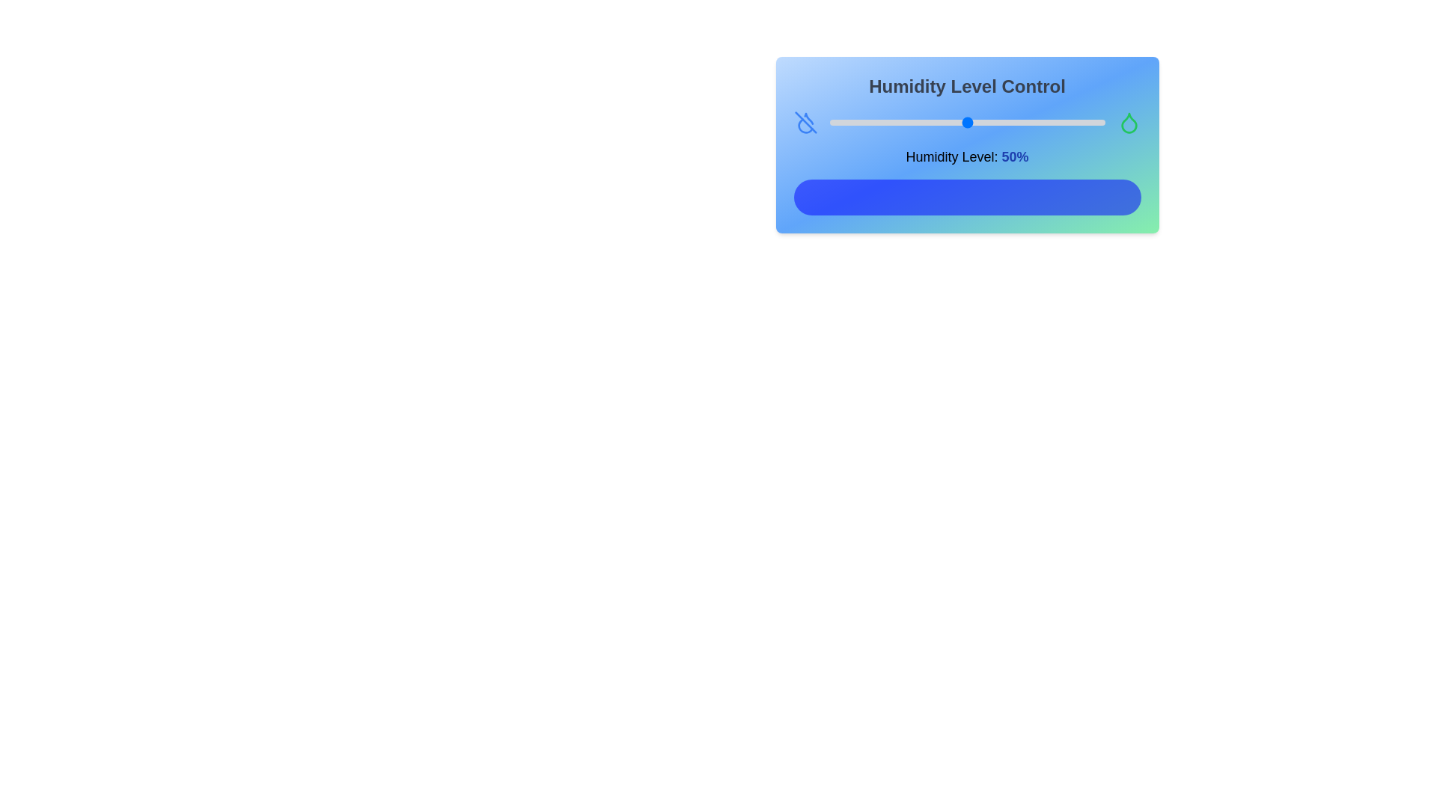 The image size is (1437, 808). What do you see at coordinates (837, 122) in the screenshot?
I see `the humidity level to 3% using the slider` at bounding box center [837, 122].